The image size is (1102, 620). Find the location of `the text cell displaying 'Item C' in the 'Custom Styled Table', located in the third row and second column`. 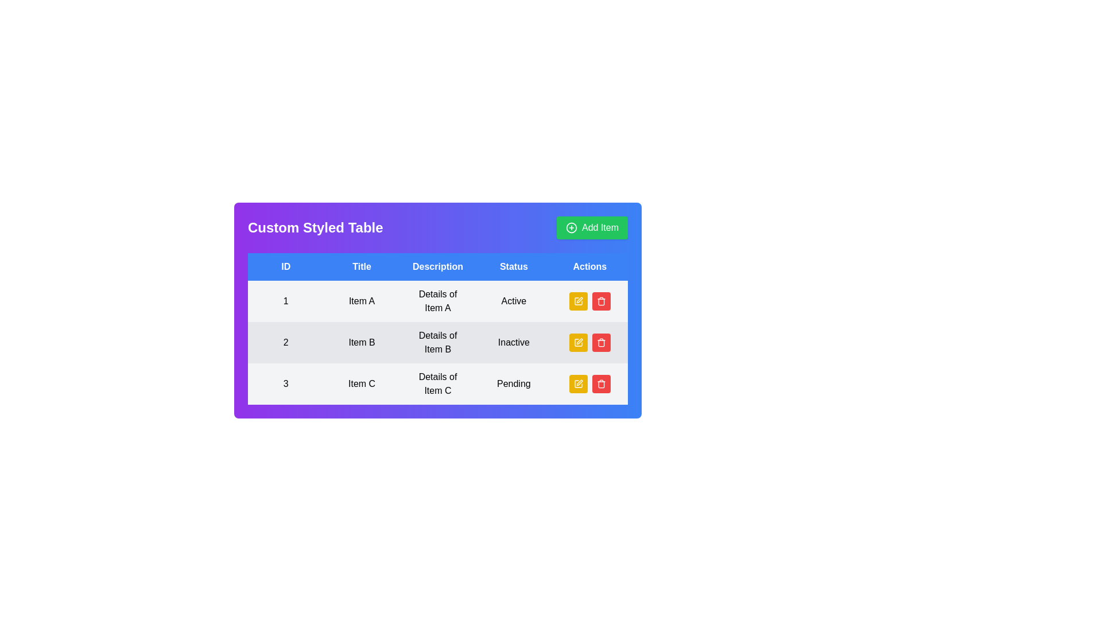

the text cell displaying 'Item C' in the 'Custom Styled Table', located in the third row and second column is located at coordinates (361, 383).